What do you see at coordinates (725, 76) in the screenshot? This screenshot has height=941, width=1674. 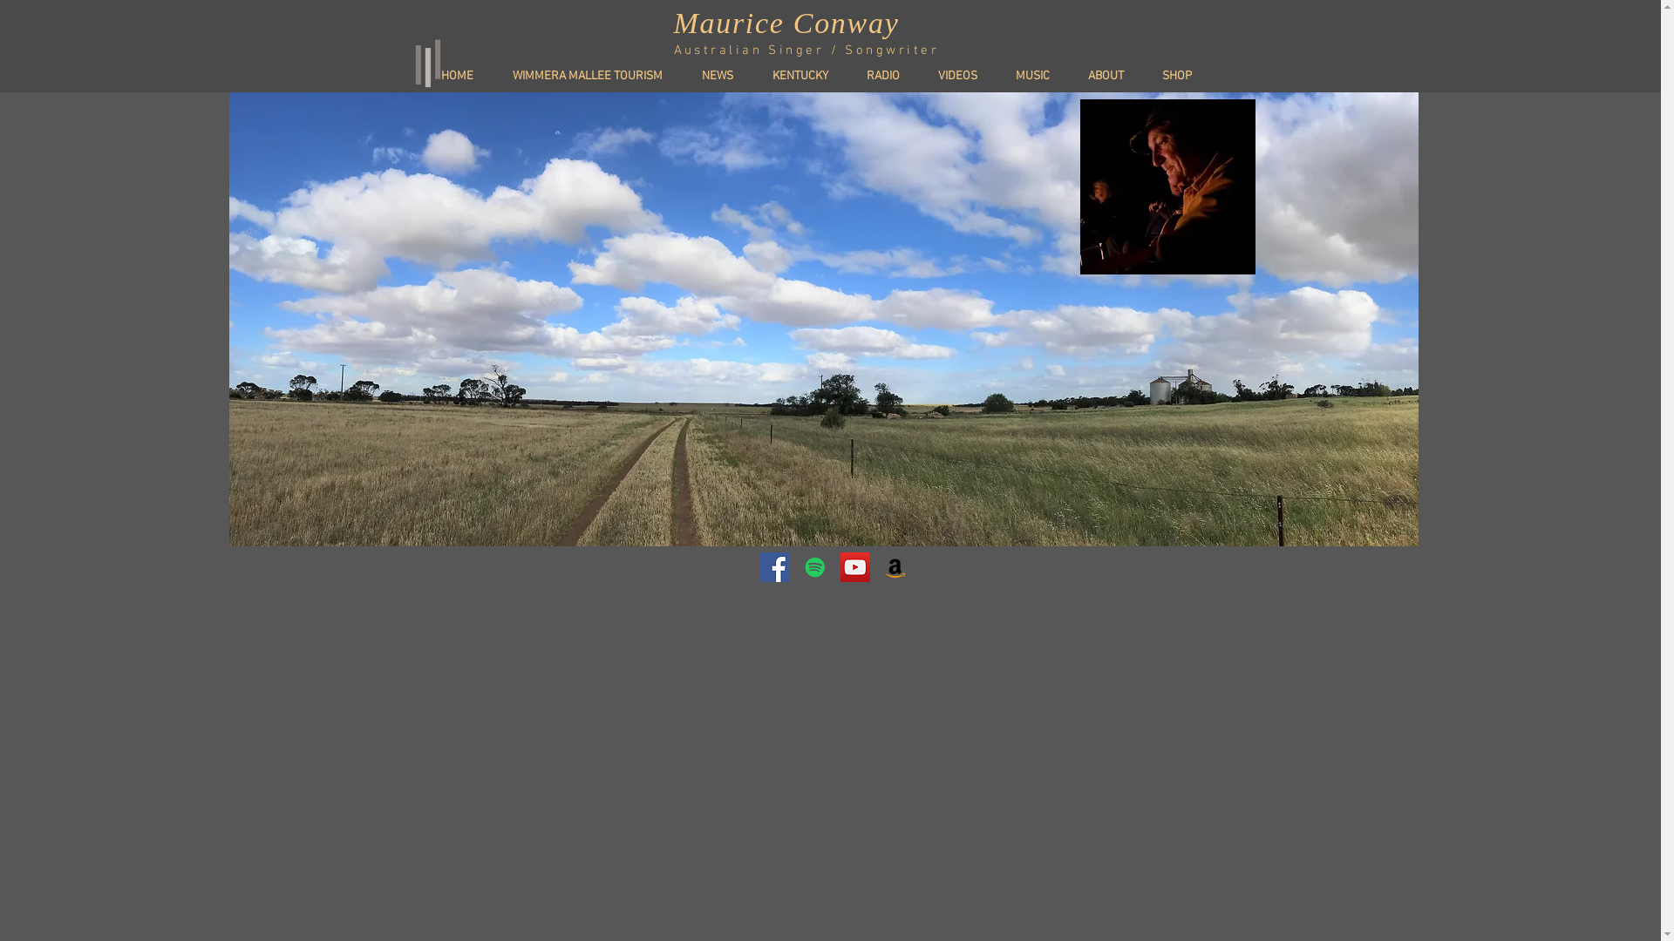 I see `'NEWS'` at bounding box center [725, 76].